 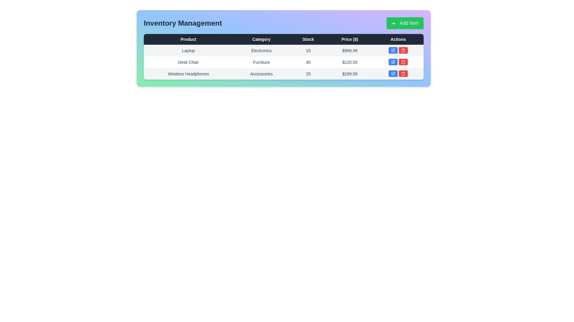 What do you see at coordinates (308, 50) in the screenshot?
I see `inventory stock count label for the 'Laptop' product located in the 'Stock' column of the first row` at bounding box center [308, 50].